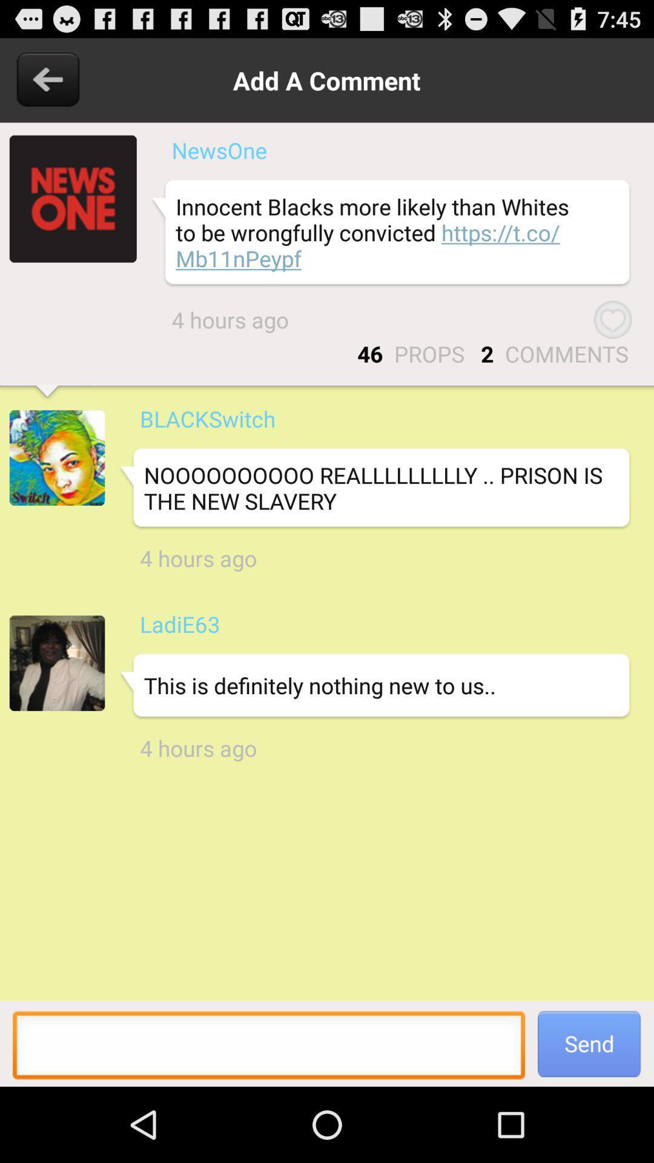 The image size is (654, 1163). I want to click on app below the 4 hours ago app, so click(180, 624).